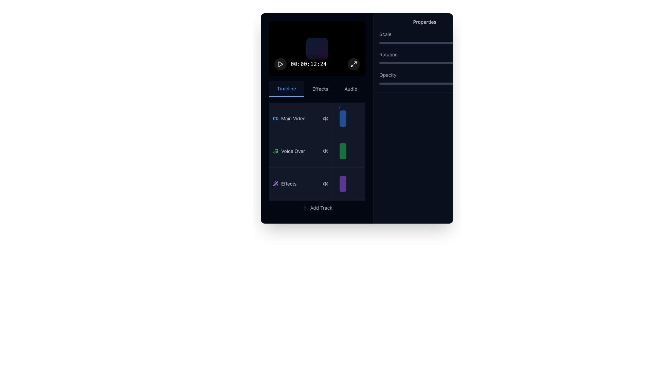 The width and height of the screenshot is (652, 367). I want to click on the purple wand icon with sparkles located in the 'Effects' section of the timeline panel, so click(275, 183).